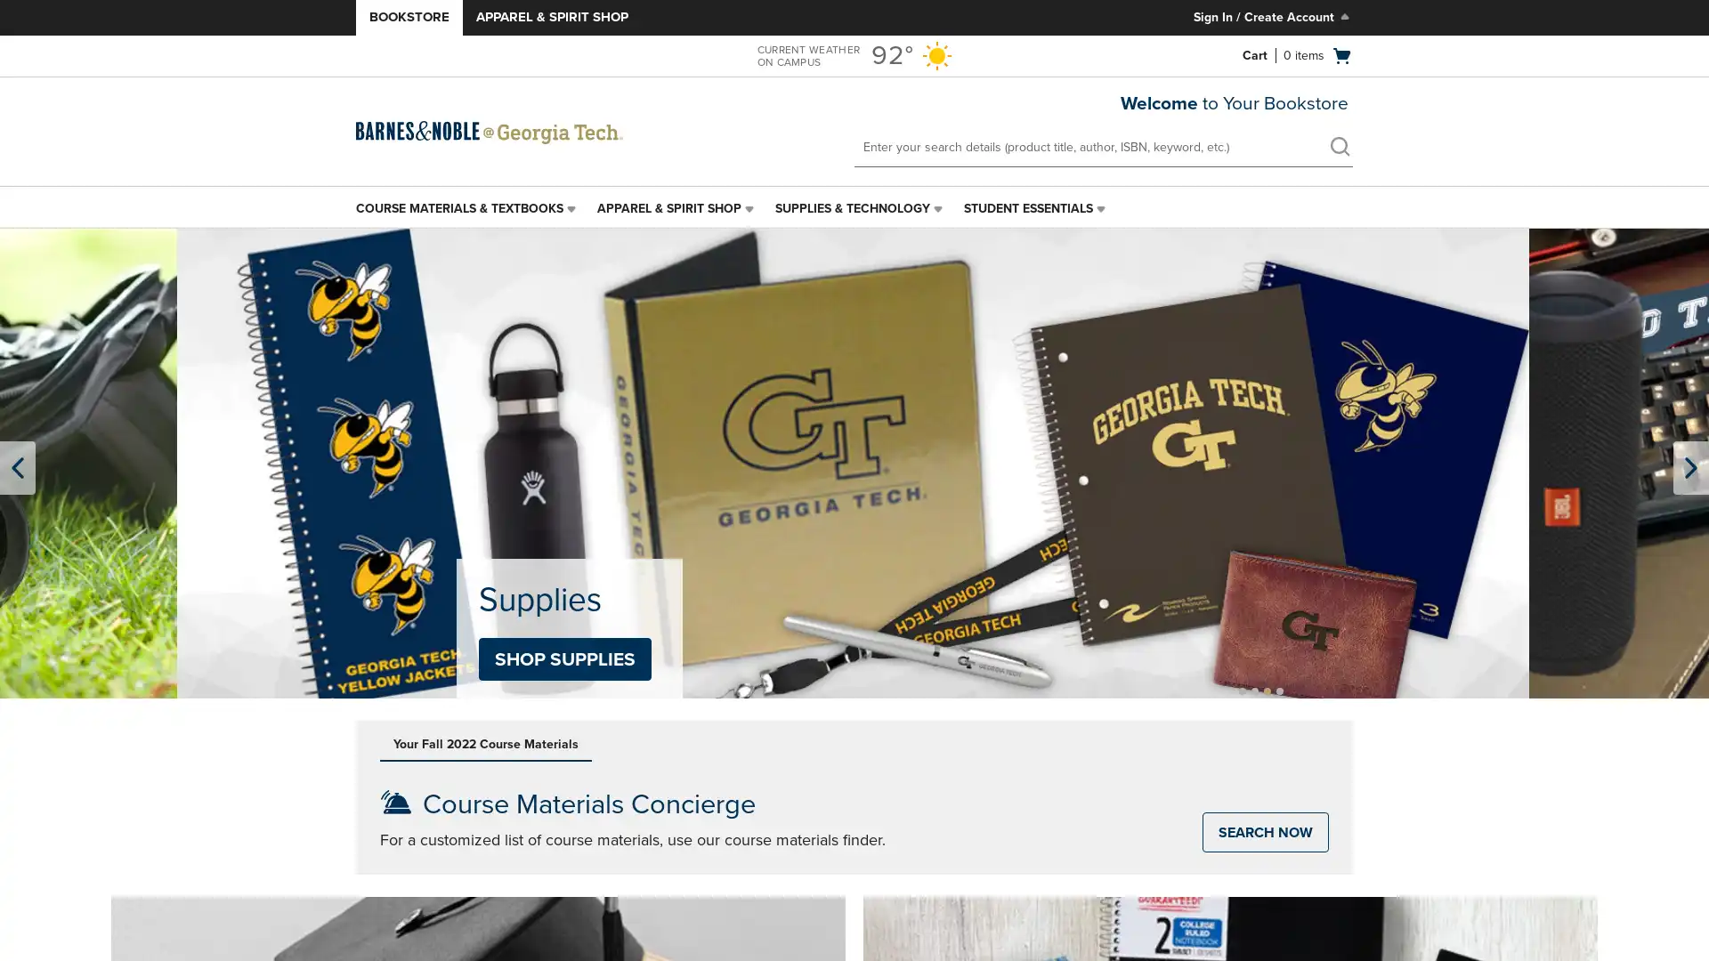 Image resolution: width=1709 pixels, height=961 pixels. What do you see at coordinates (1340, 146) in the screenshot?
I see `search` at bounding box center [1340, 146].